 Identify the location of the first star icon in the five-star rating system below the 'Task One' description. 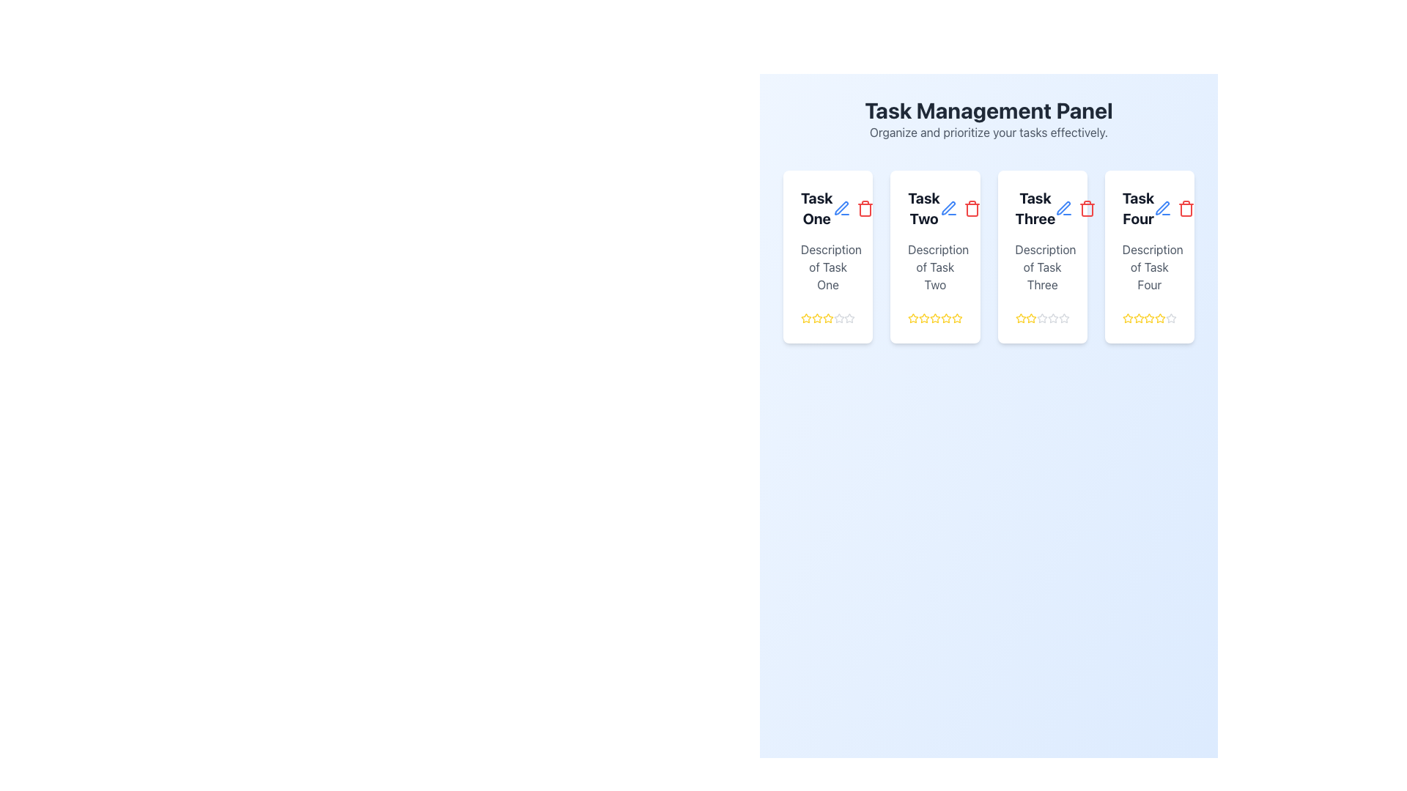
(805, 318).